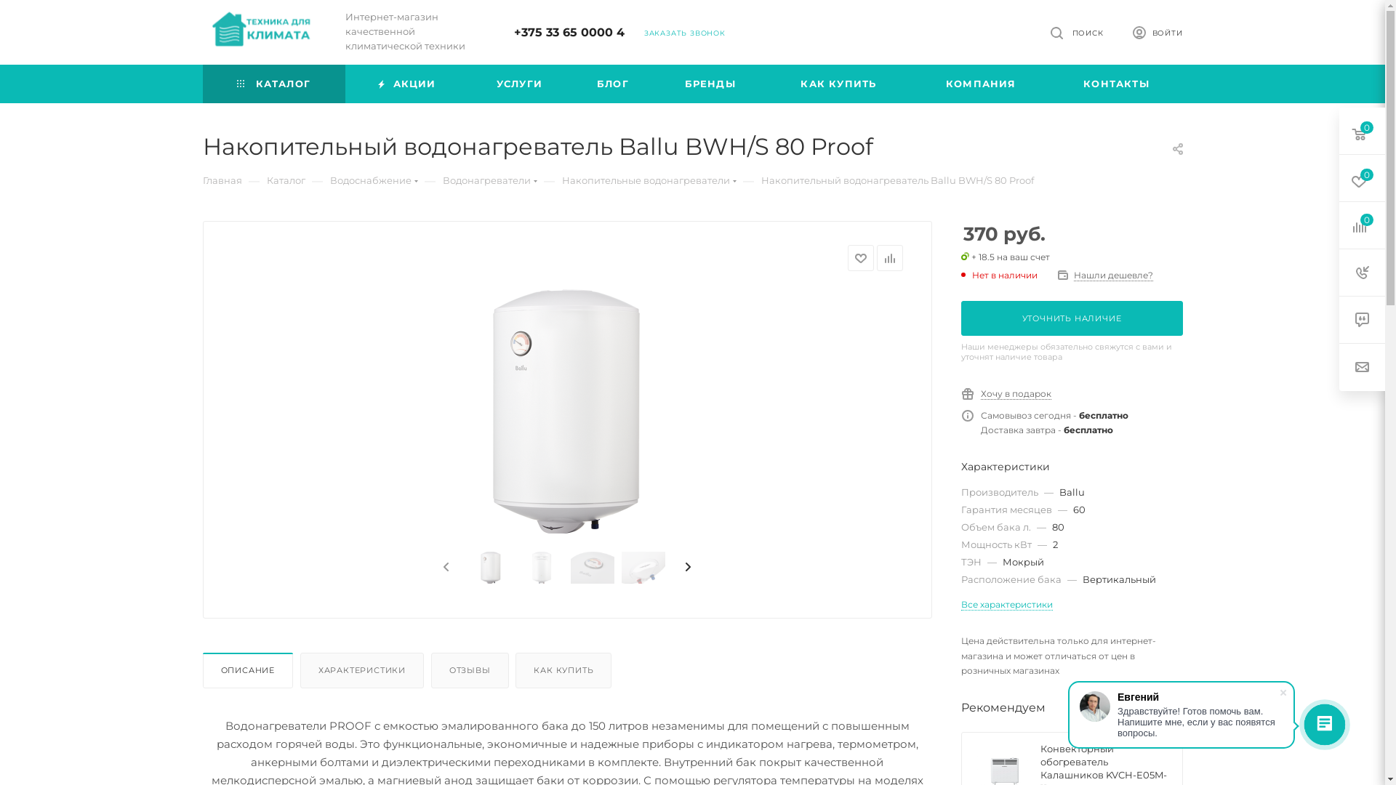  What do you see at coordinates (568, 32) in the screenshot?
I see `'+375 33 65 0000 4'` at bounding box center [568, 32].